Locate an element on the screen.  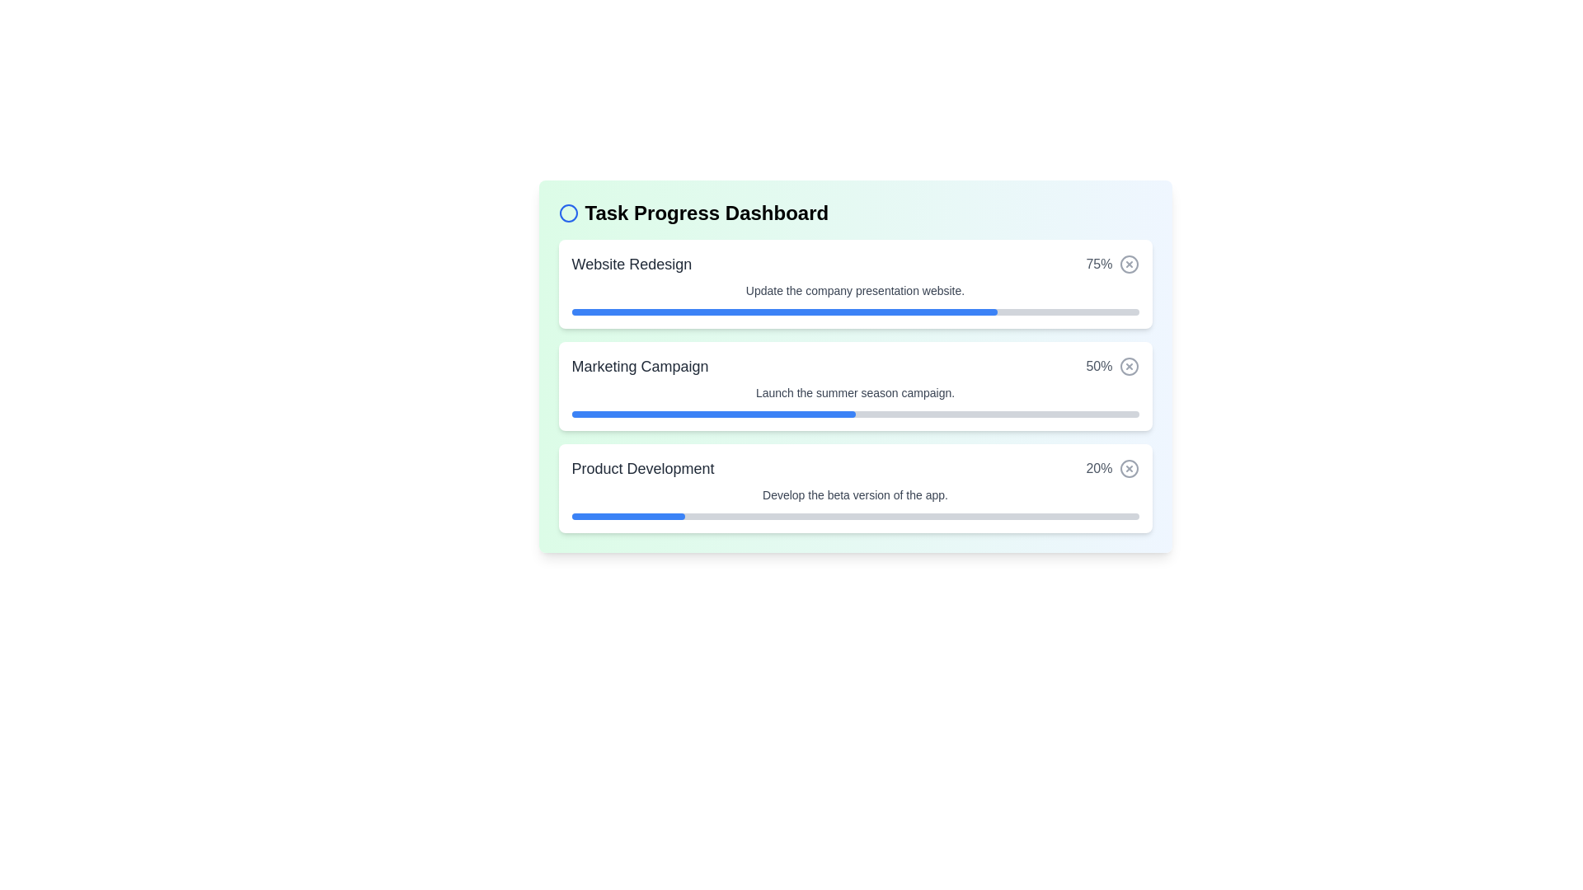
the label displaying '50%' in gray font located in the 'Marketing Campaign' section of the task progress dashboard is located at coordinates (1112, 365).